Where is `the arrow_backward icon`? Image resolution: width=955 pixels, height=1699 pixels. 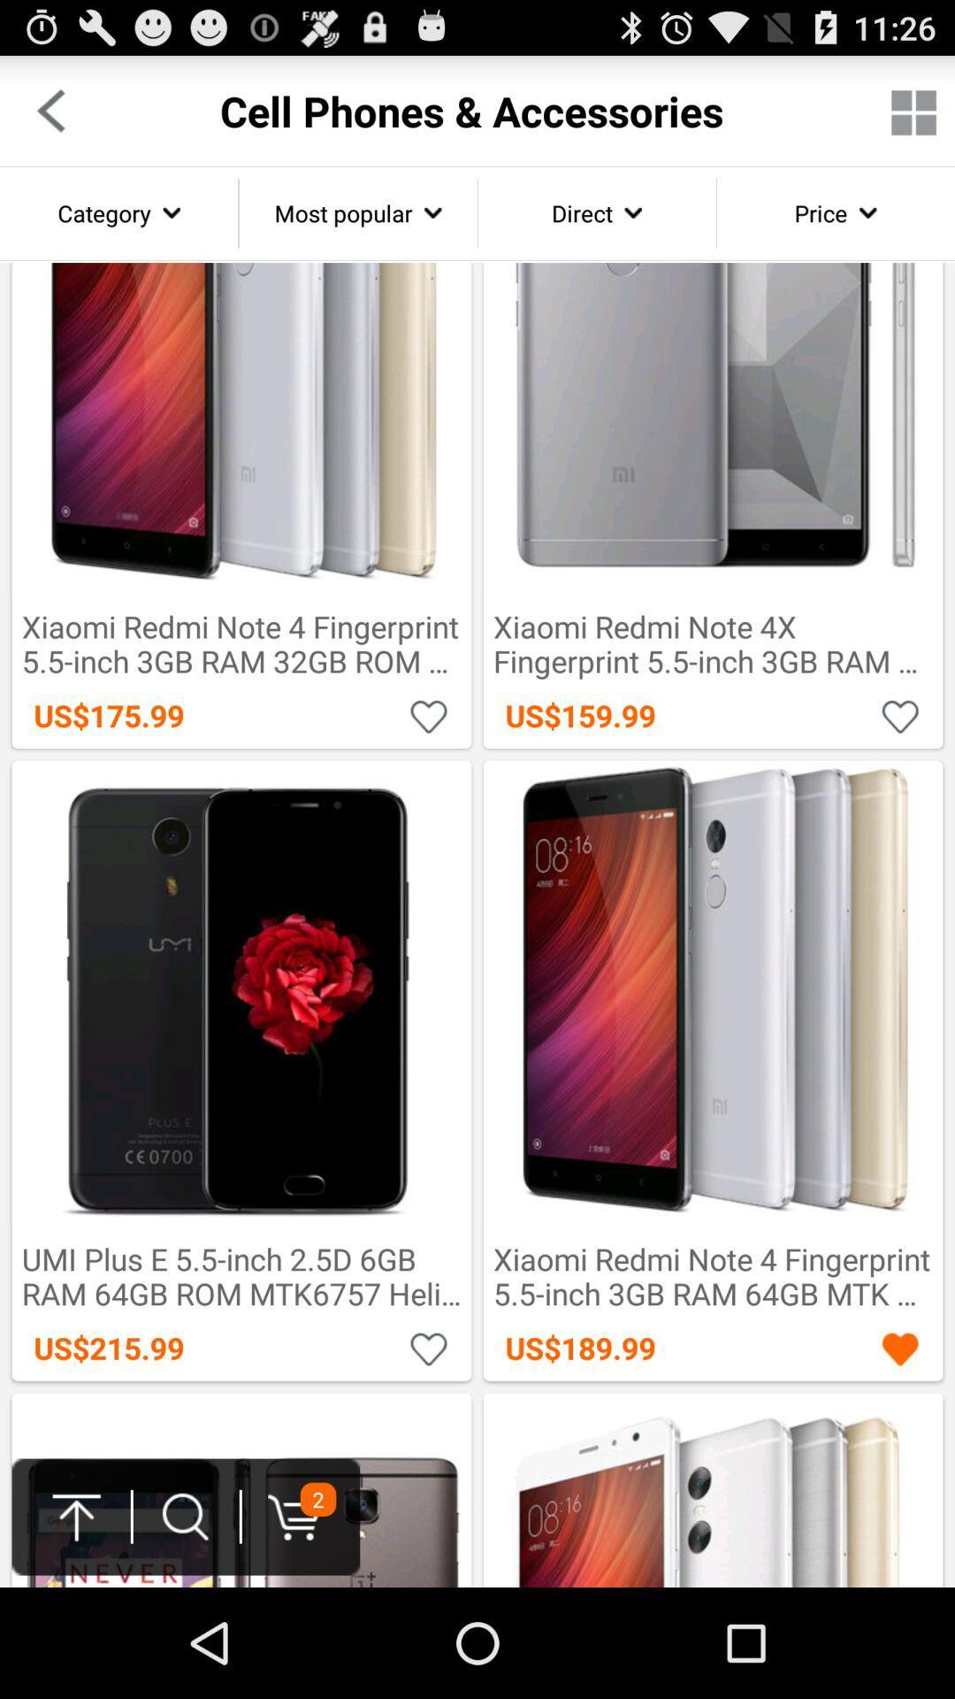
the arrow_backward icon is located at coordinates (50, 118).